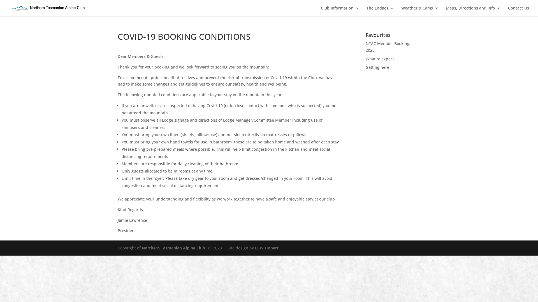  I want to click on 'Club Information', so click(340, 11).